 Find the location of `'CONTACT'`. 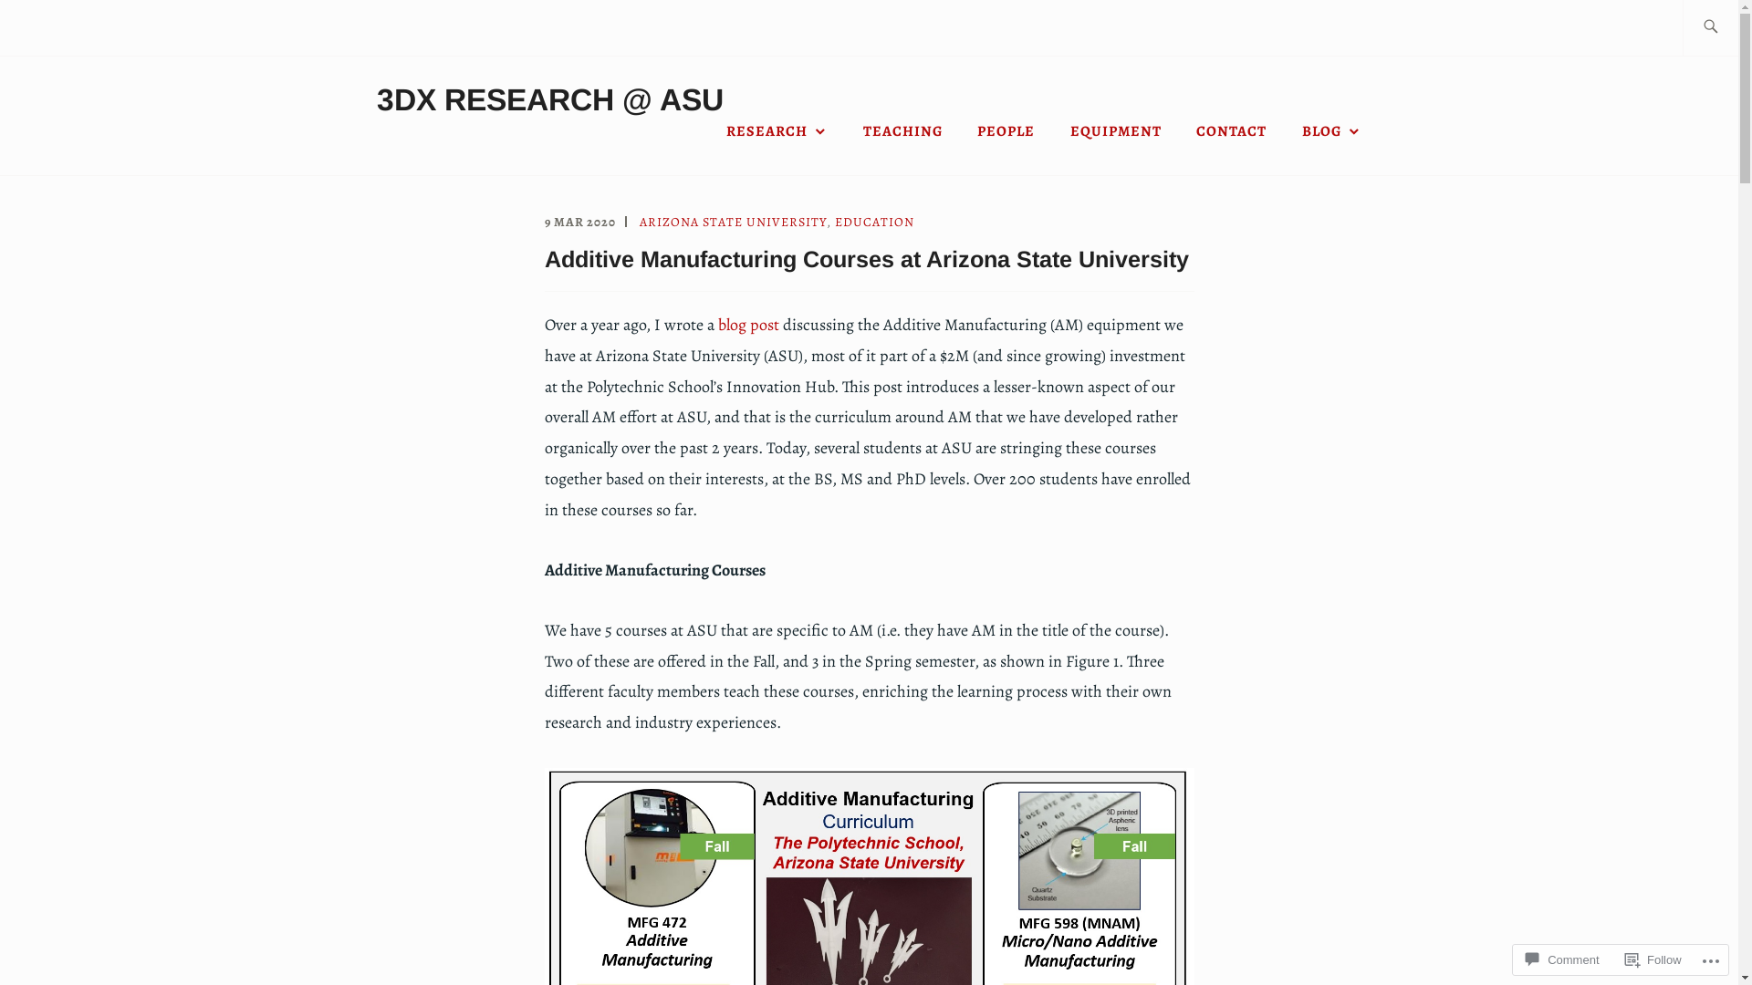

'CONTACT' is located at coordinates (1231, 130).